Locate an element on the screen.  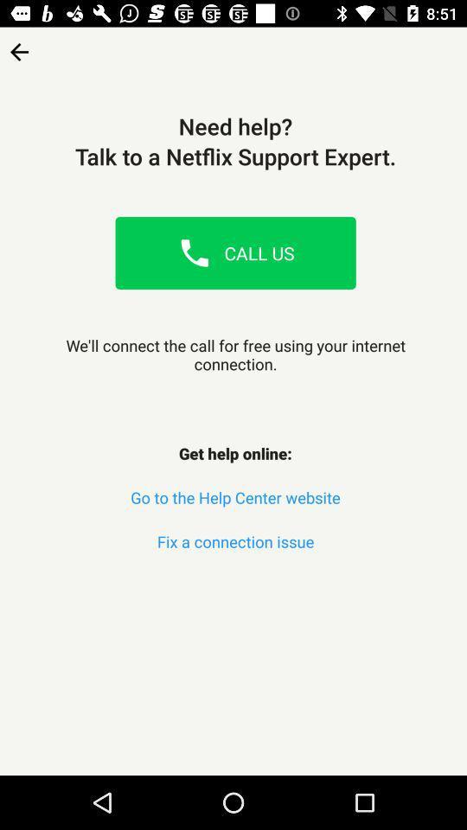
the go to the is located at coordinates (234, 497).